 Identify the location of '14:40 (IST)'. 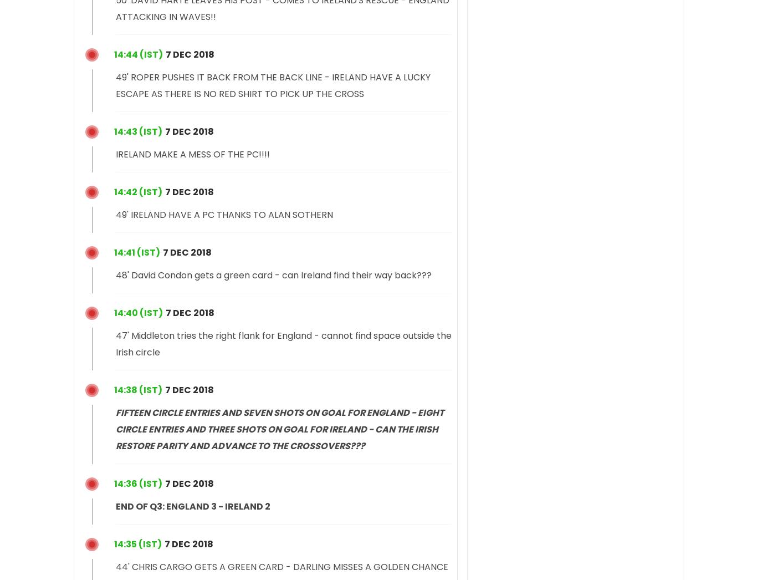
(138, 312).